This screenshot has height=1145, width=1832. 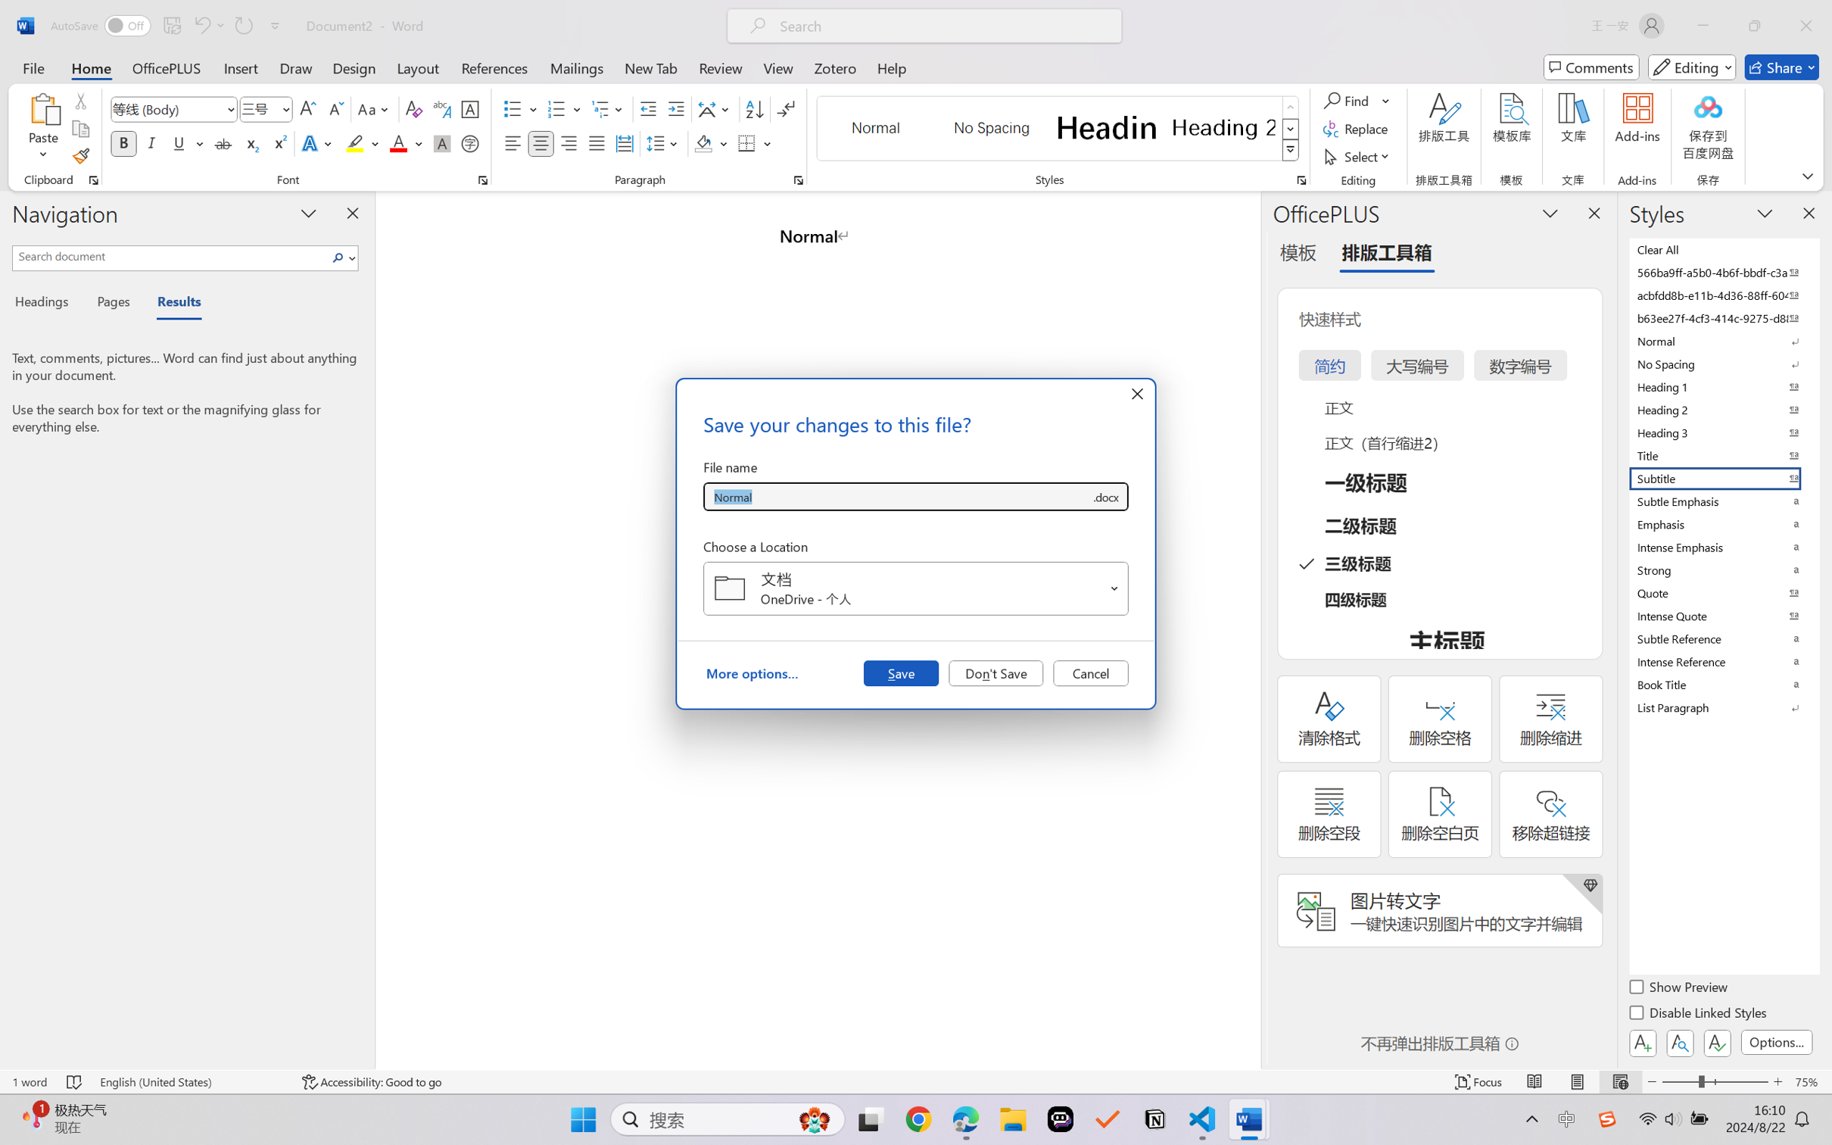 What do you see at coordinates (482, 179) in the screenshot?
I see `'Font...'` at bounding box center [482, 179].